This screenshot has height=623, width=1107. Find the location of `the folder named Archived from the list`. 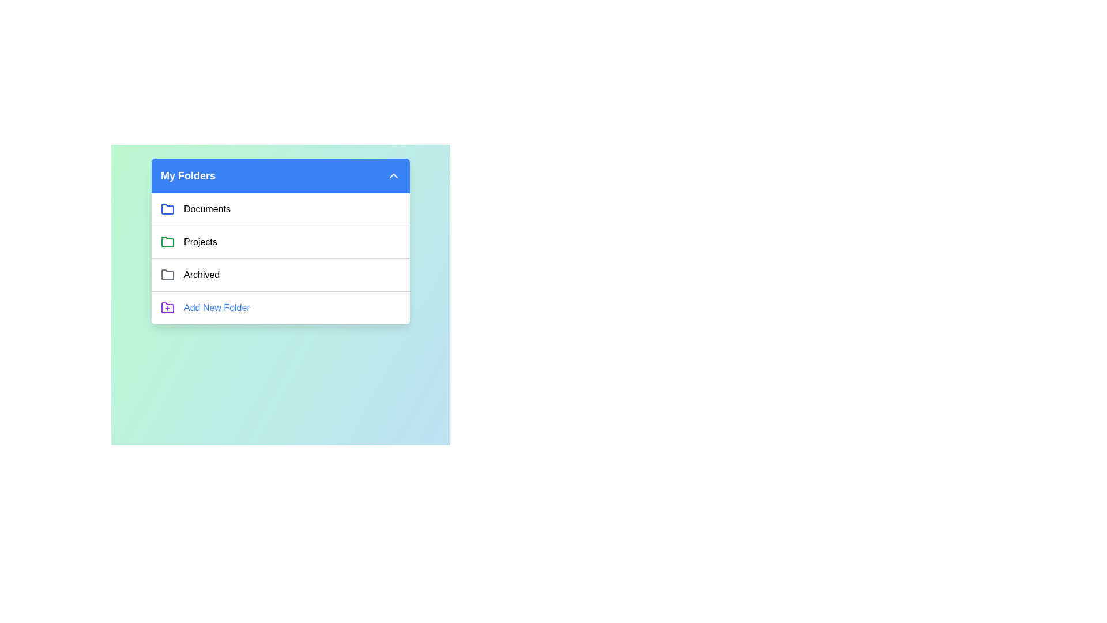

the folder named Archived from the list is located at coordinates (202, 275).